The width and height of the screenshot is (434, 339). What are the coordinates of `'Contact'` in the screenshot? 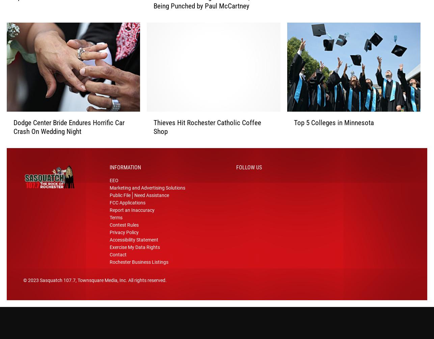 It's located at (118, 257).